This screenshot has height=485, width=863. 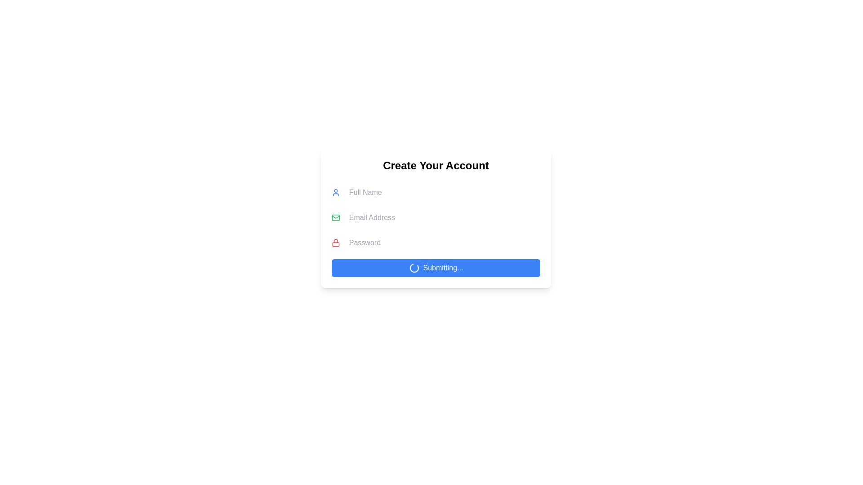 What do you see at coordinates (414, 268) in the screenshot?
I see `the loading spinner icon located inside the 'Submitting...' button, positioned to the left of the text and centered vertically within the button` at bounding box center [414, 268].